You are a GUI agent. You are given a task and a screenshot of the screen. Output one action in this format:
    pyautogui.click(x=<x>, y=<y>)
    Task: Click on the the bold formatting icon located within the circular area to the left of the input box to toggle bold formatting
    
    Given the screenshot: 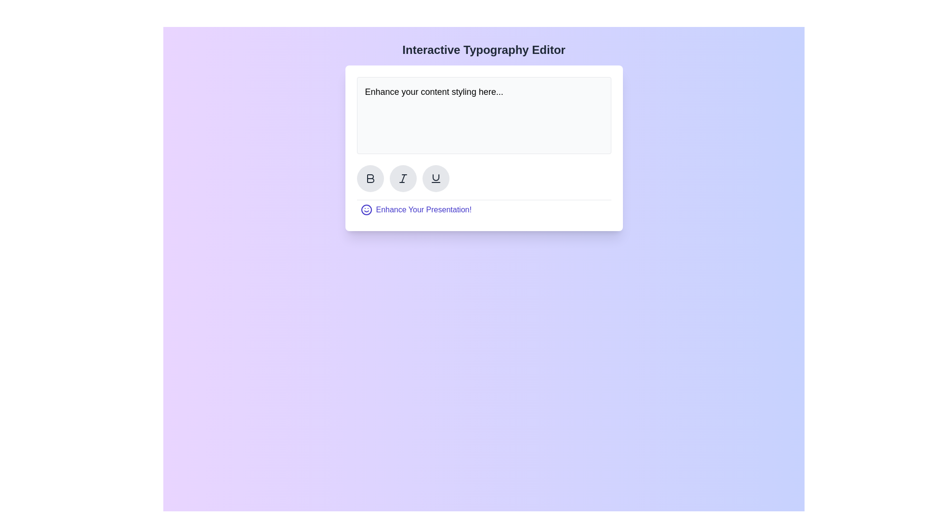 What is the action you would take?
    pyautogui.click(x=370, y=178)
    